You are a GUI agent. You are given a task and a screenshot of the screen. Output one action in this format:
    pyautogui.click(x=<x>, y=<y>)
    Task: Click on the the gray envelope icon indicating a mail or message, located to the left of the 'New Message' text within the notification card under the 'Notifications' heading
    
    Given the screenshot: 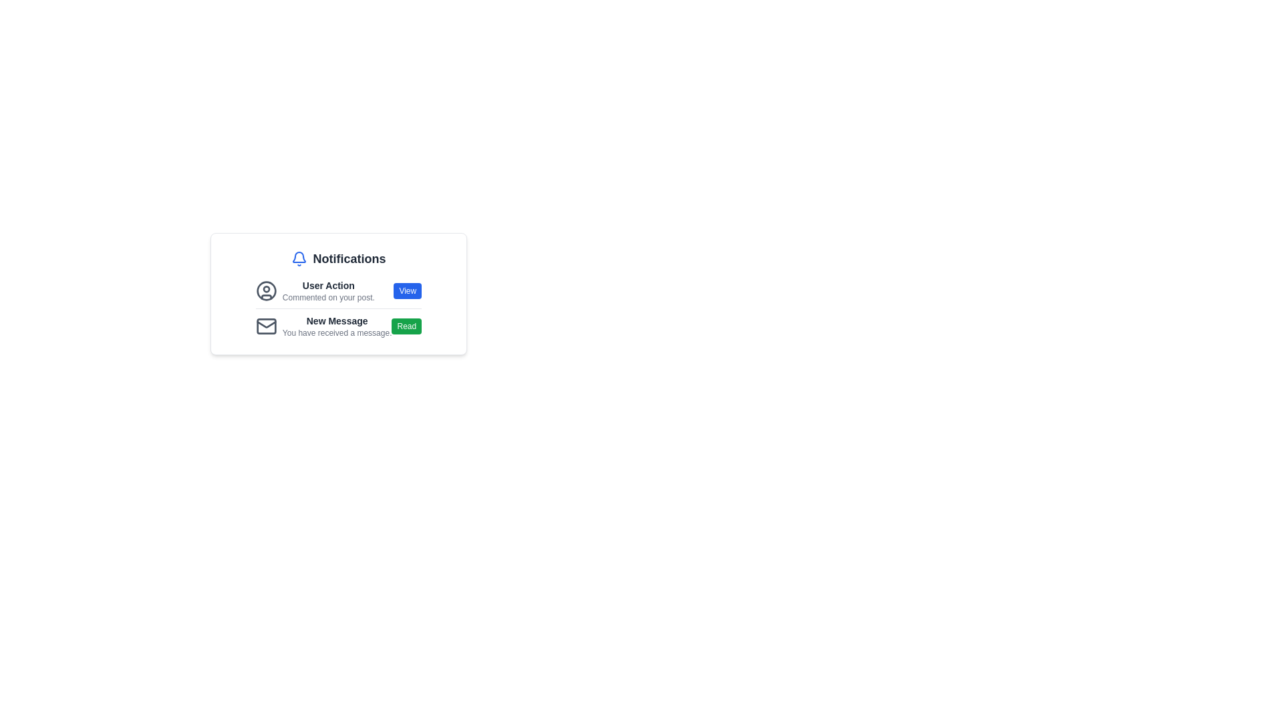 What is the action you would take?
    pyautogui.click(x=266, y=326)
    